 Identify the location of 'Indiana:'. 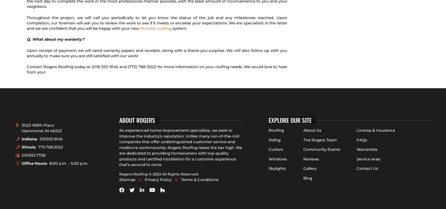
(31, 139).